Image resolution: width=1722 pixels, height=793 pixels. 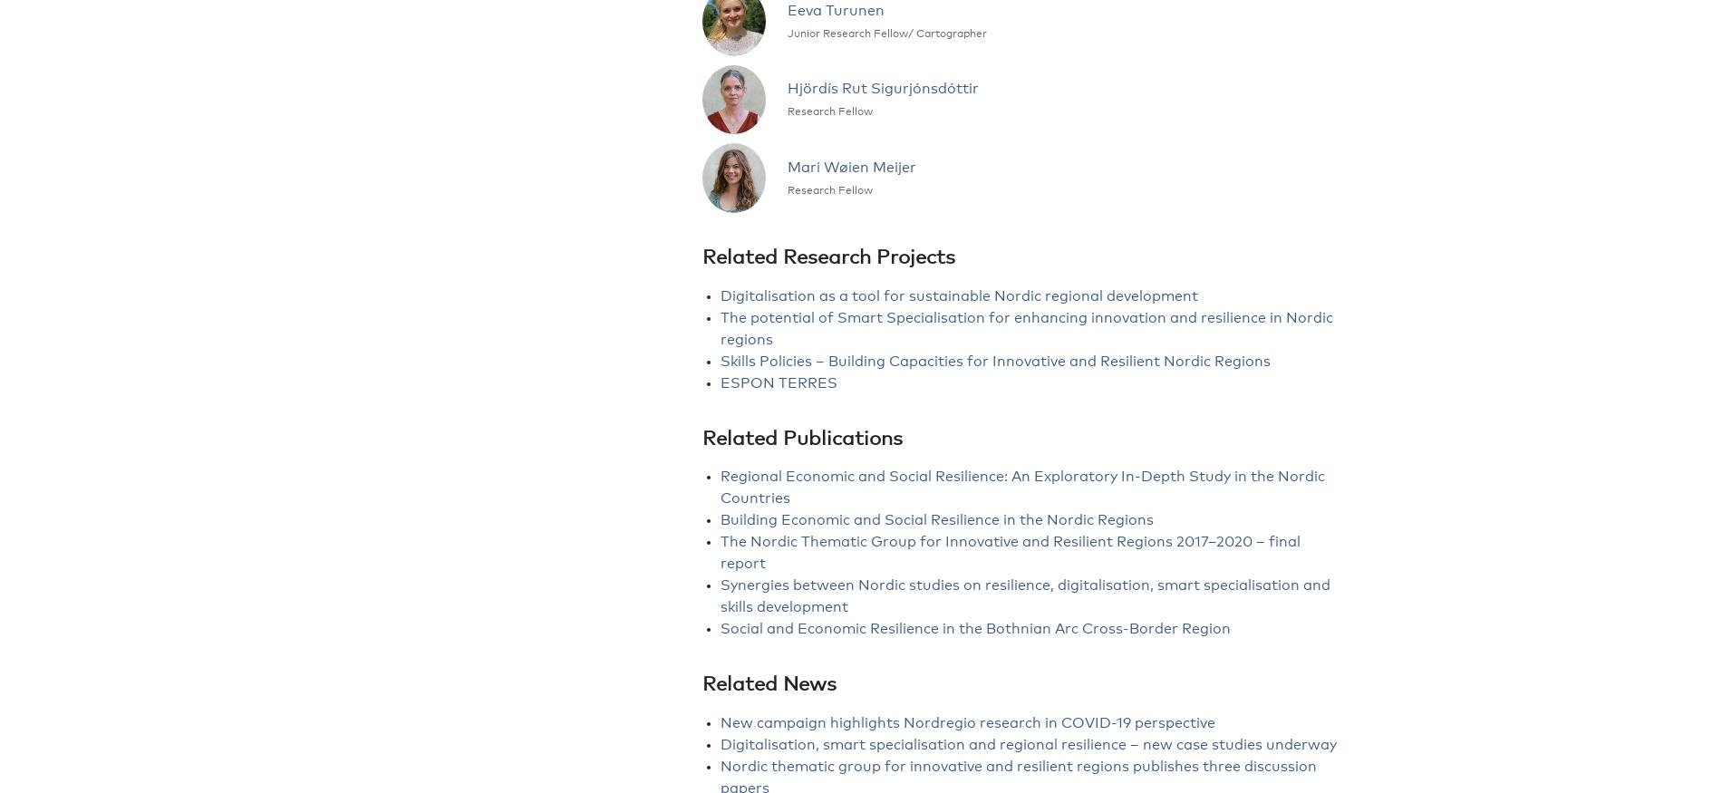 I want to click on 'Digitalisation, smart specialisation and regional resilience – new case studies underway', so click(x=719, y=744).